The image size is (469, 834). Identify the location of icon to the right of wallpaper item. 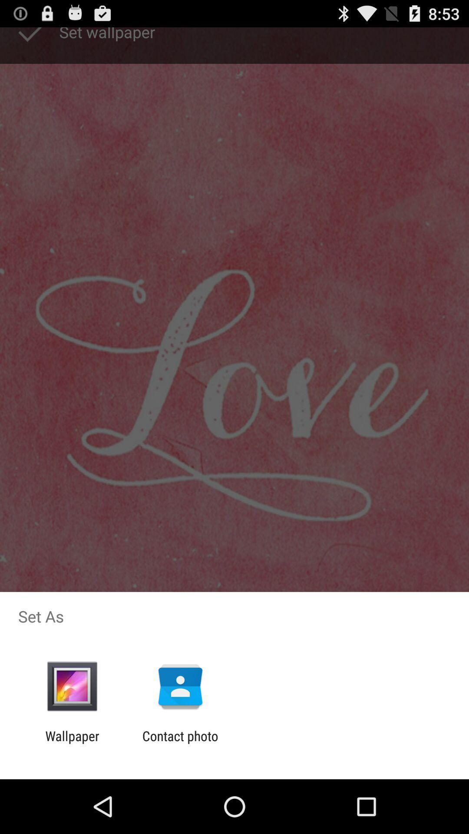
(180, 743).